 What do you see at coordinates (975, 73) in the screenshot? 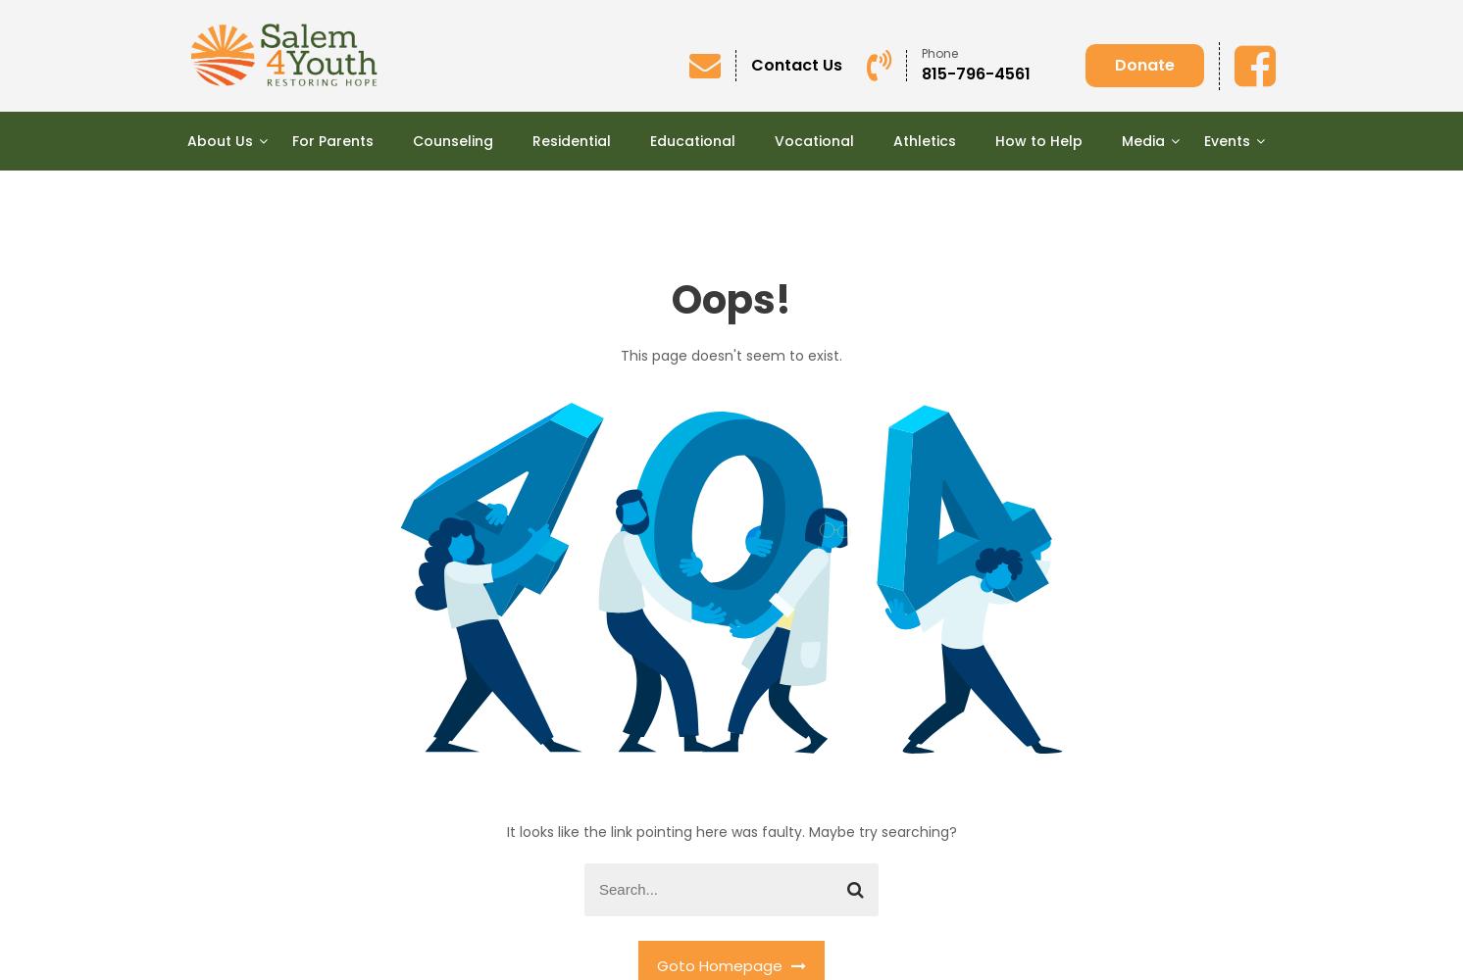
I see `'815-796-4561'` at bounding box center [975, 73].